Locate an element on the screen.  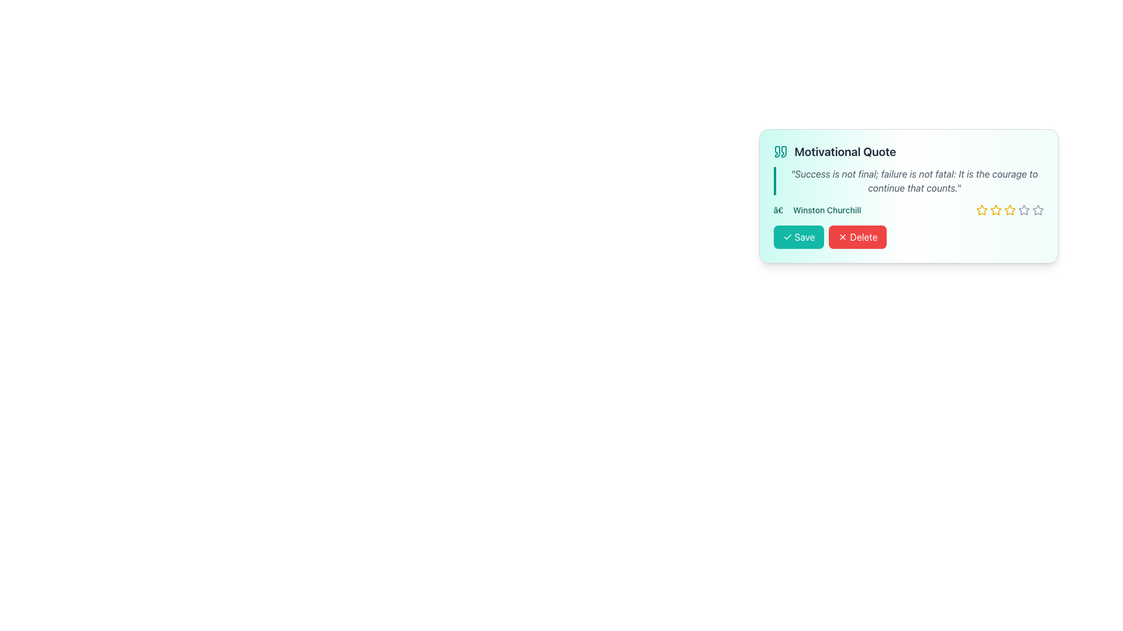
the first star icon in the rating system to observe visual feedback is located at coordinates (981, 209).